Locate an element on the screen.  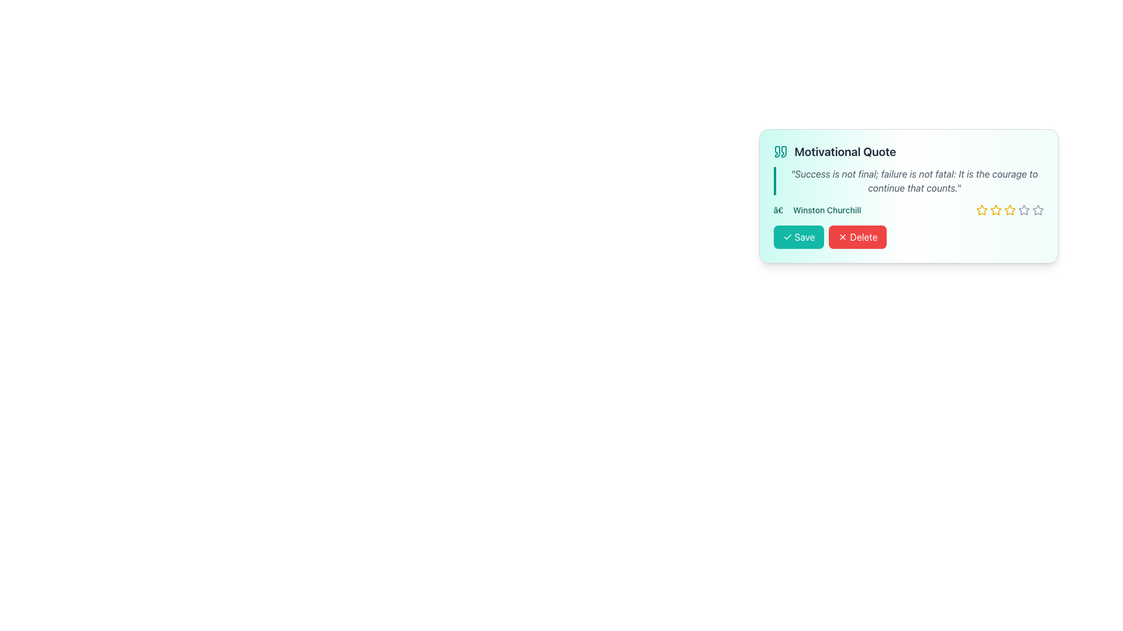
the first star icon in the rating system to observe visual feedback is located at coordinates (981, 209).